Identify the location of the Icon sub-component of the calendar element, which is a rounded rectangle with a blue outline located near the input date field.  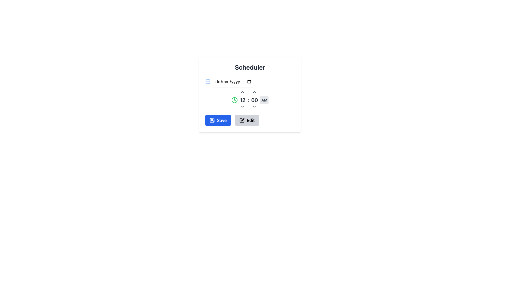
(207, 82).